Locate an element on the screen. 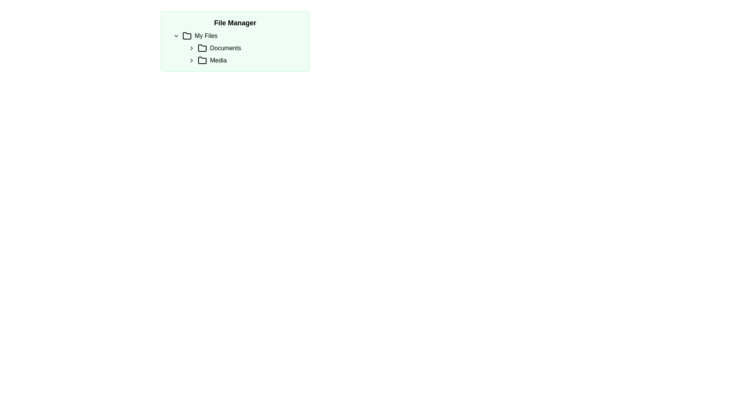 The image size is (736, 414). the 'Documents' text label in the 'My Files' section of the File Manager, which is located to the right of the folder icon is located at coordinates (225, 48).